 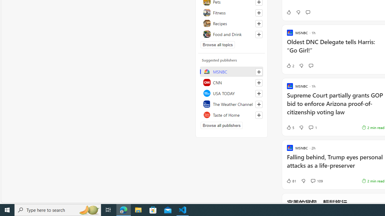 What do you see at coordinates (290, 127) in the screenshot?
I see `'5 Like'` at bounding box center [290, 127].